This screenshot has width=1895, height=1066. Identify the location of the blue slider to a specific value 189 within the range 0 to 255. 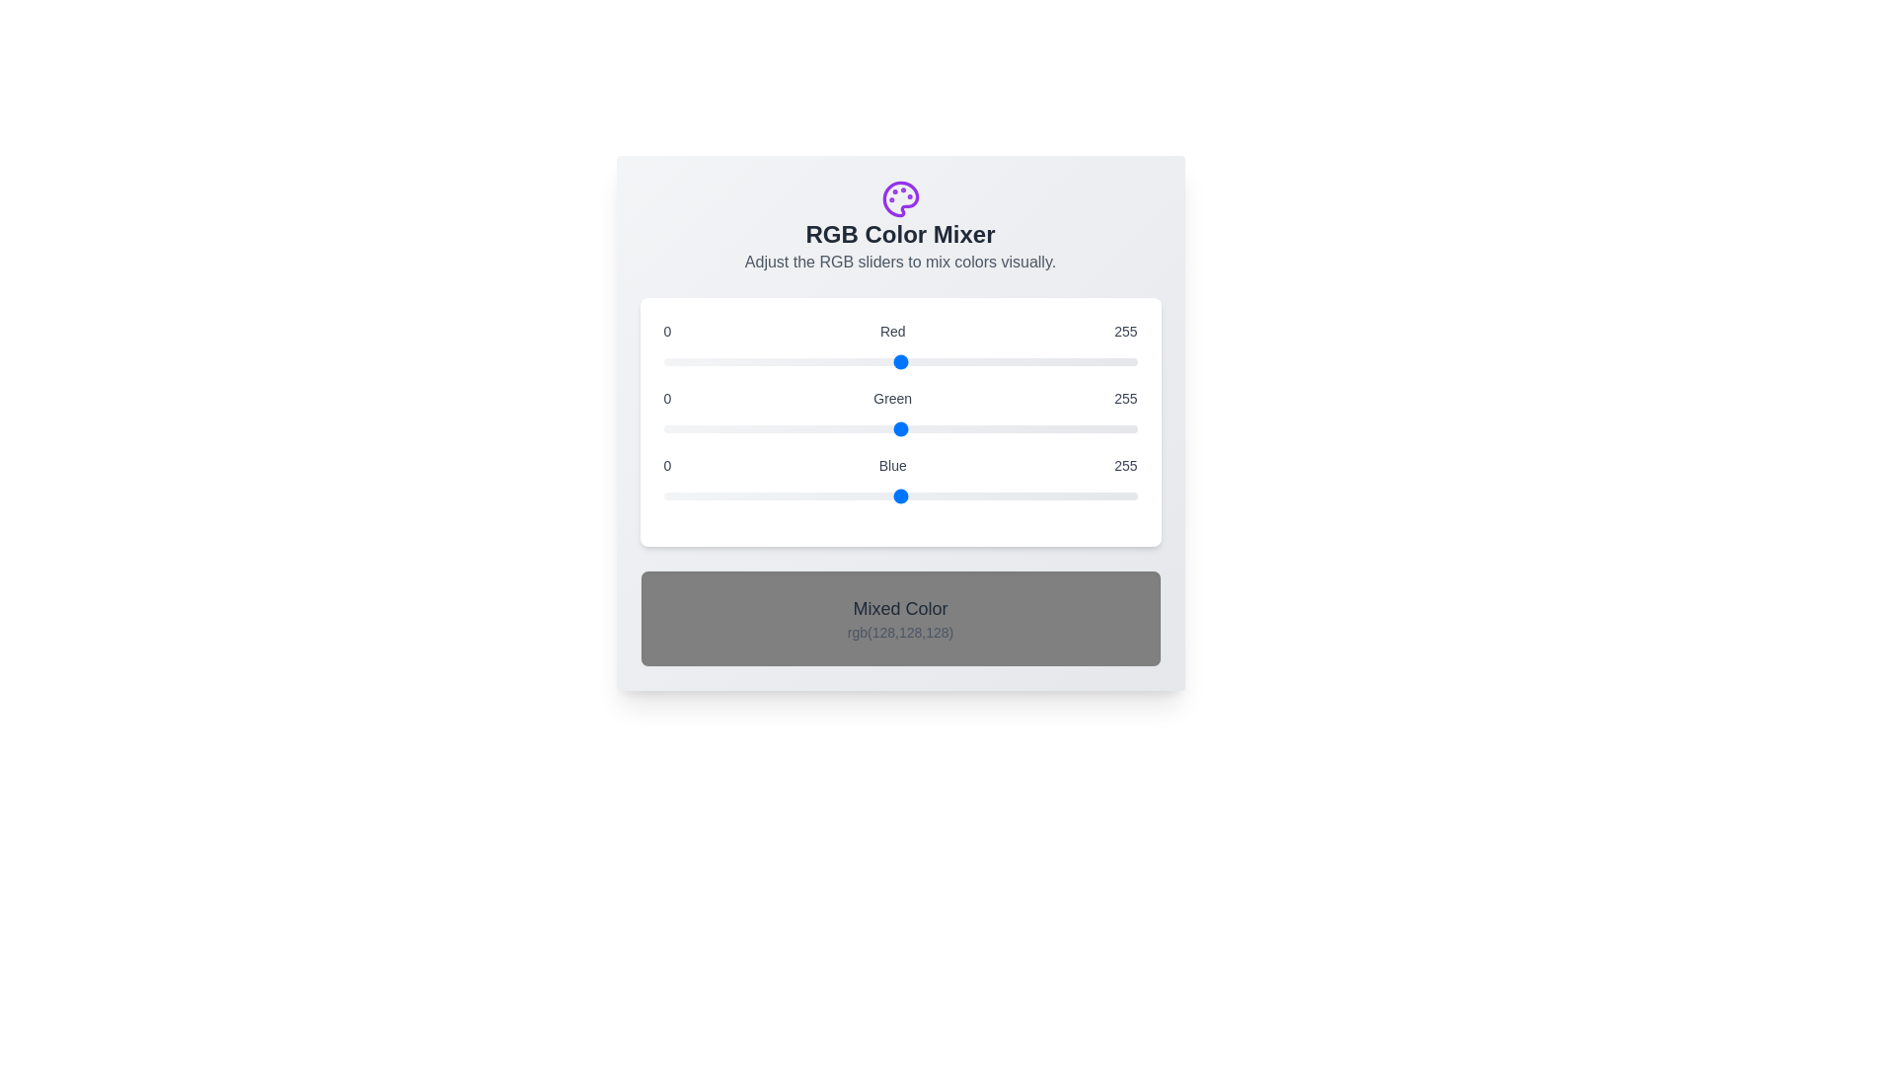
(1015, 495).